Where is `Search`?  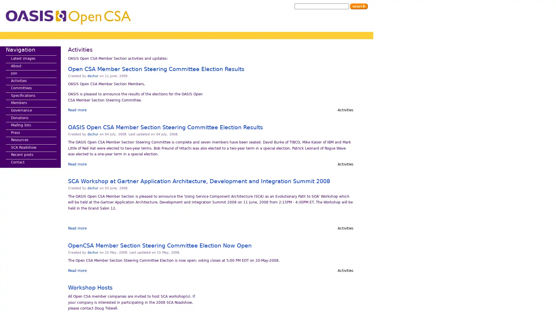
Search is located at coordinates (359, 6).